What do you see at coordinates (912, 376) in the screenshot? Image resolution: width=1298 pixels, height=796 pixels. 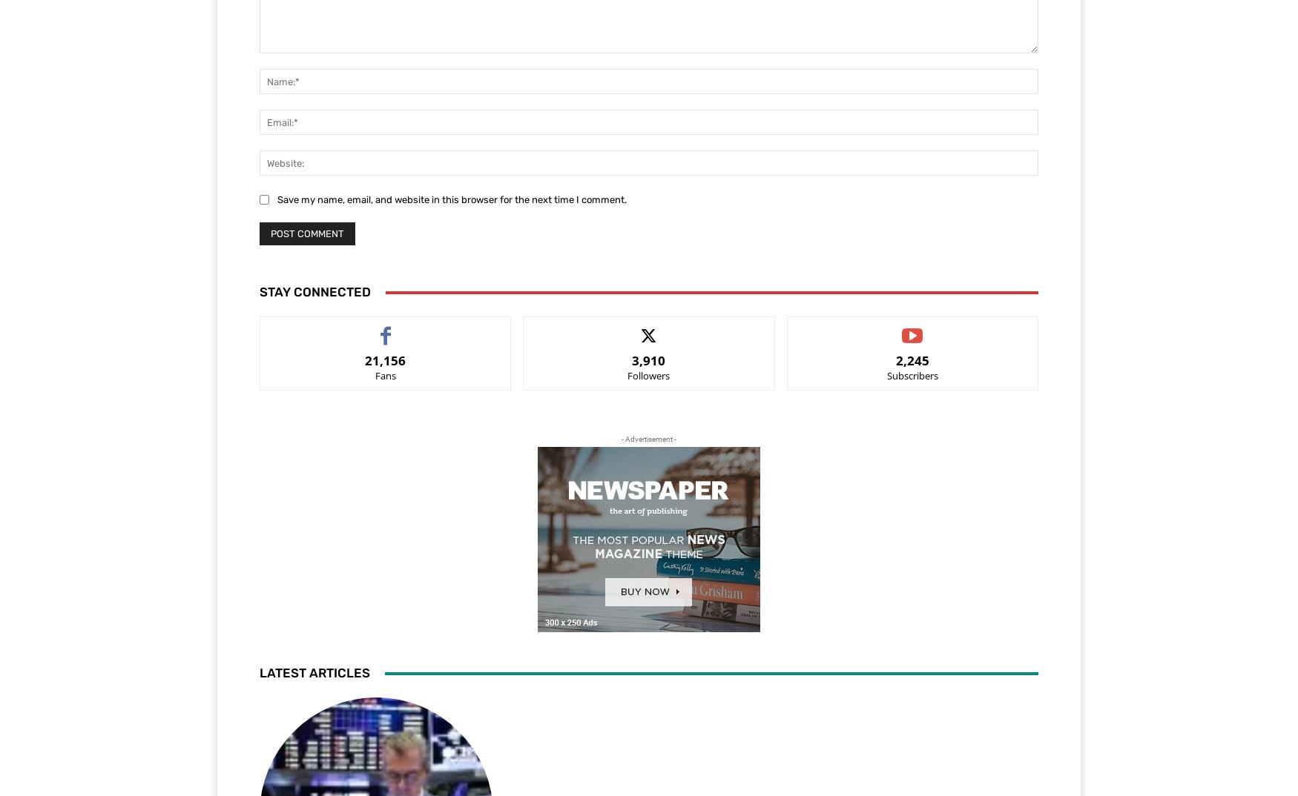 I see `'Subscribers'` at bounding box center [912, 376].